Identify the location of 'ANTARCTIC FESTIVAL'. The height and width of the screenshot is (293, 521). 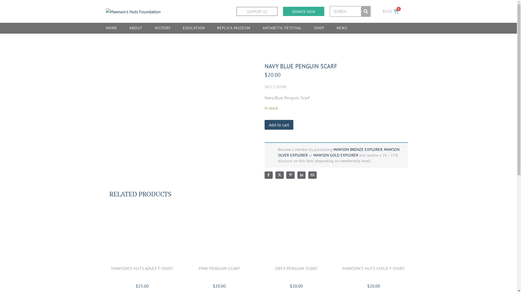
(282, 28).